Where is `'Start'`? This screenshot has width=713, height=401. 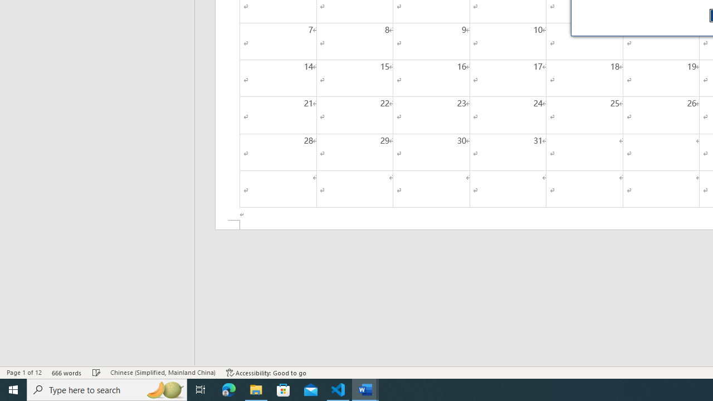
'Start' is located at coordinates (13, 389).